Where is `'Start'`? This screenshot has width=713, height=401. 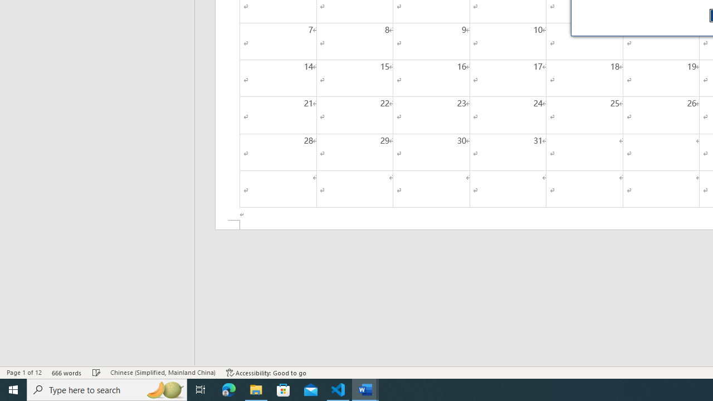
'Start' is located at coordinates (13, 389).